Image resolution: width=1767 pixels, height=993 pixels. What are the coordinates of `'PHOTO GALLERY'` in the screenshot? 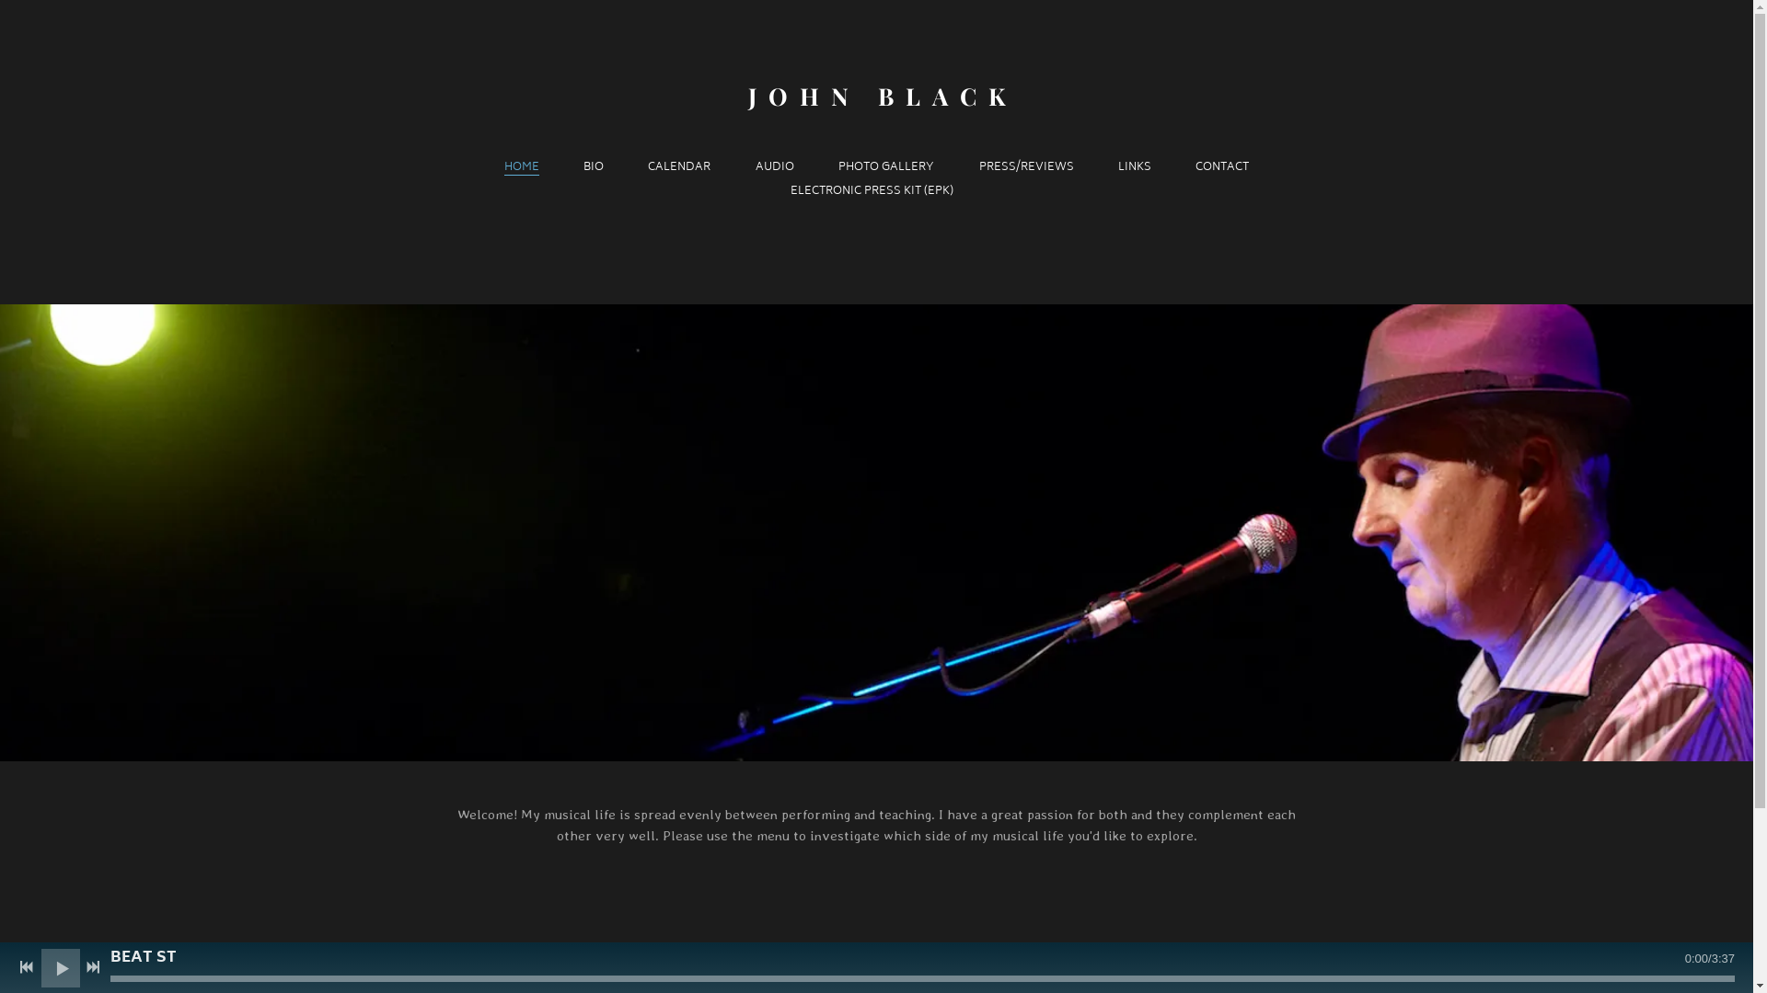 It's located at (886, 167).